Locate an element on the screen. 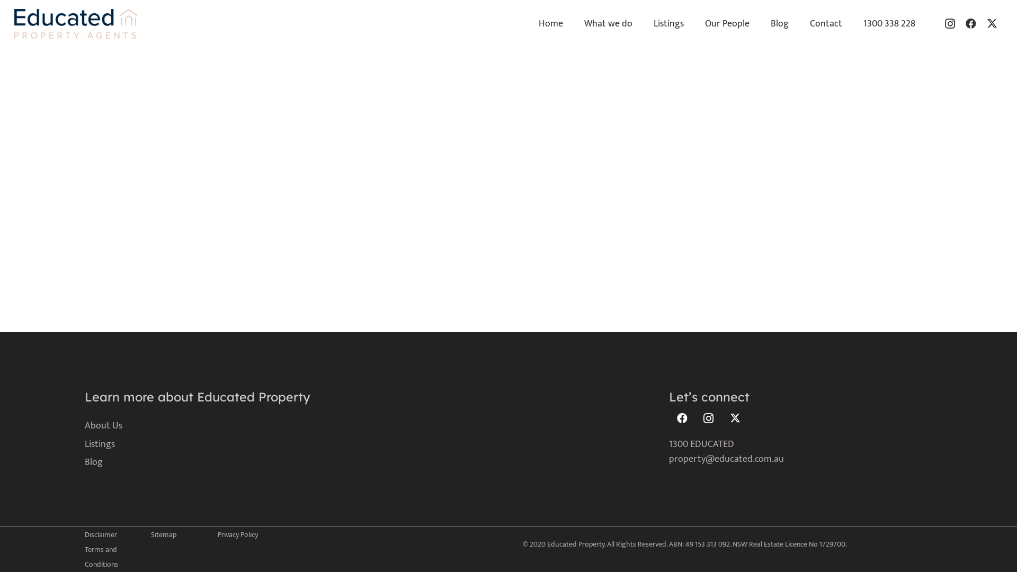 The width and height of the screenshot is (1017, 572). 'Instagram' is located at coordinates (709, 418).